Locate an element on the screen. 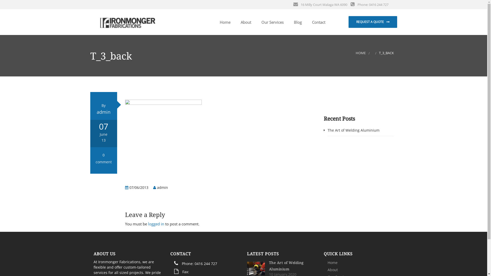  'The Art of Welding Aluminium' is located at coordinates (286, 266).